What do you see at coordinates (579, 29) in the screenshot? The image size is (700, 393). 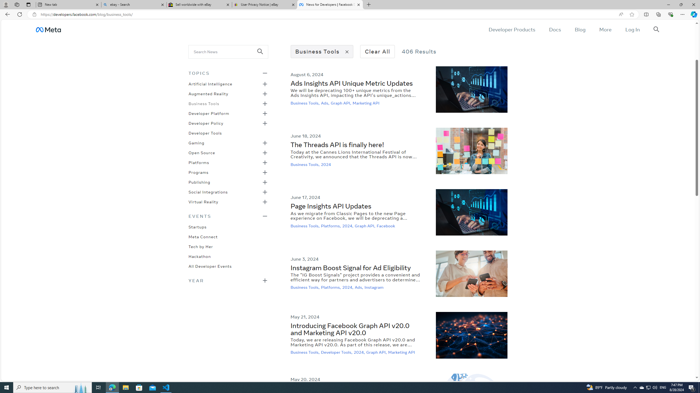 I see `'Blog'` at bounding box center [579, 29].